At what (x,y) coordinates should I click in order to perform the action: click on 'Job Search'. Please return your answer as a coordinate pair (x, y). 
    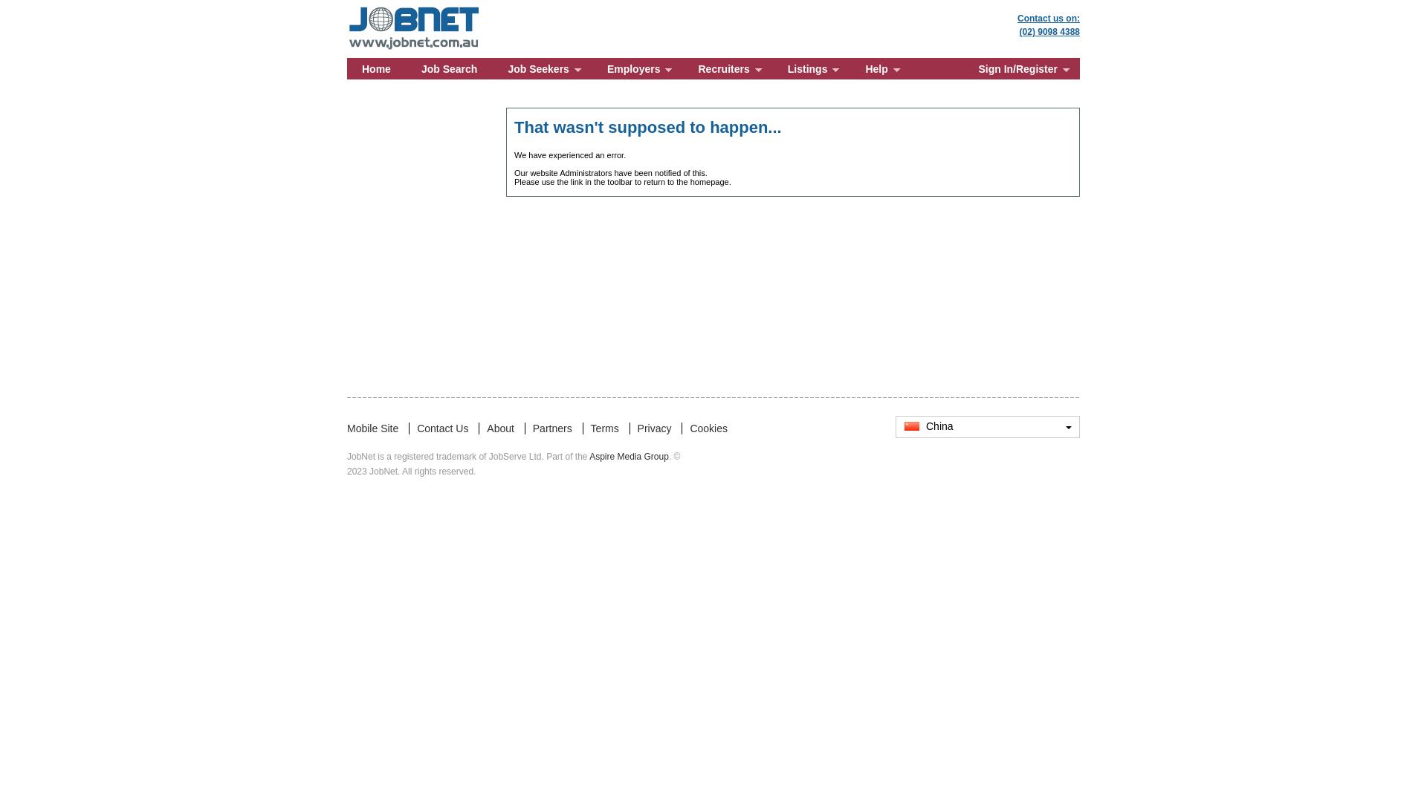
    Looking at the image, I should click on (448, 68).